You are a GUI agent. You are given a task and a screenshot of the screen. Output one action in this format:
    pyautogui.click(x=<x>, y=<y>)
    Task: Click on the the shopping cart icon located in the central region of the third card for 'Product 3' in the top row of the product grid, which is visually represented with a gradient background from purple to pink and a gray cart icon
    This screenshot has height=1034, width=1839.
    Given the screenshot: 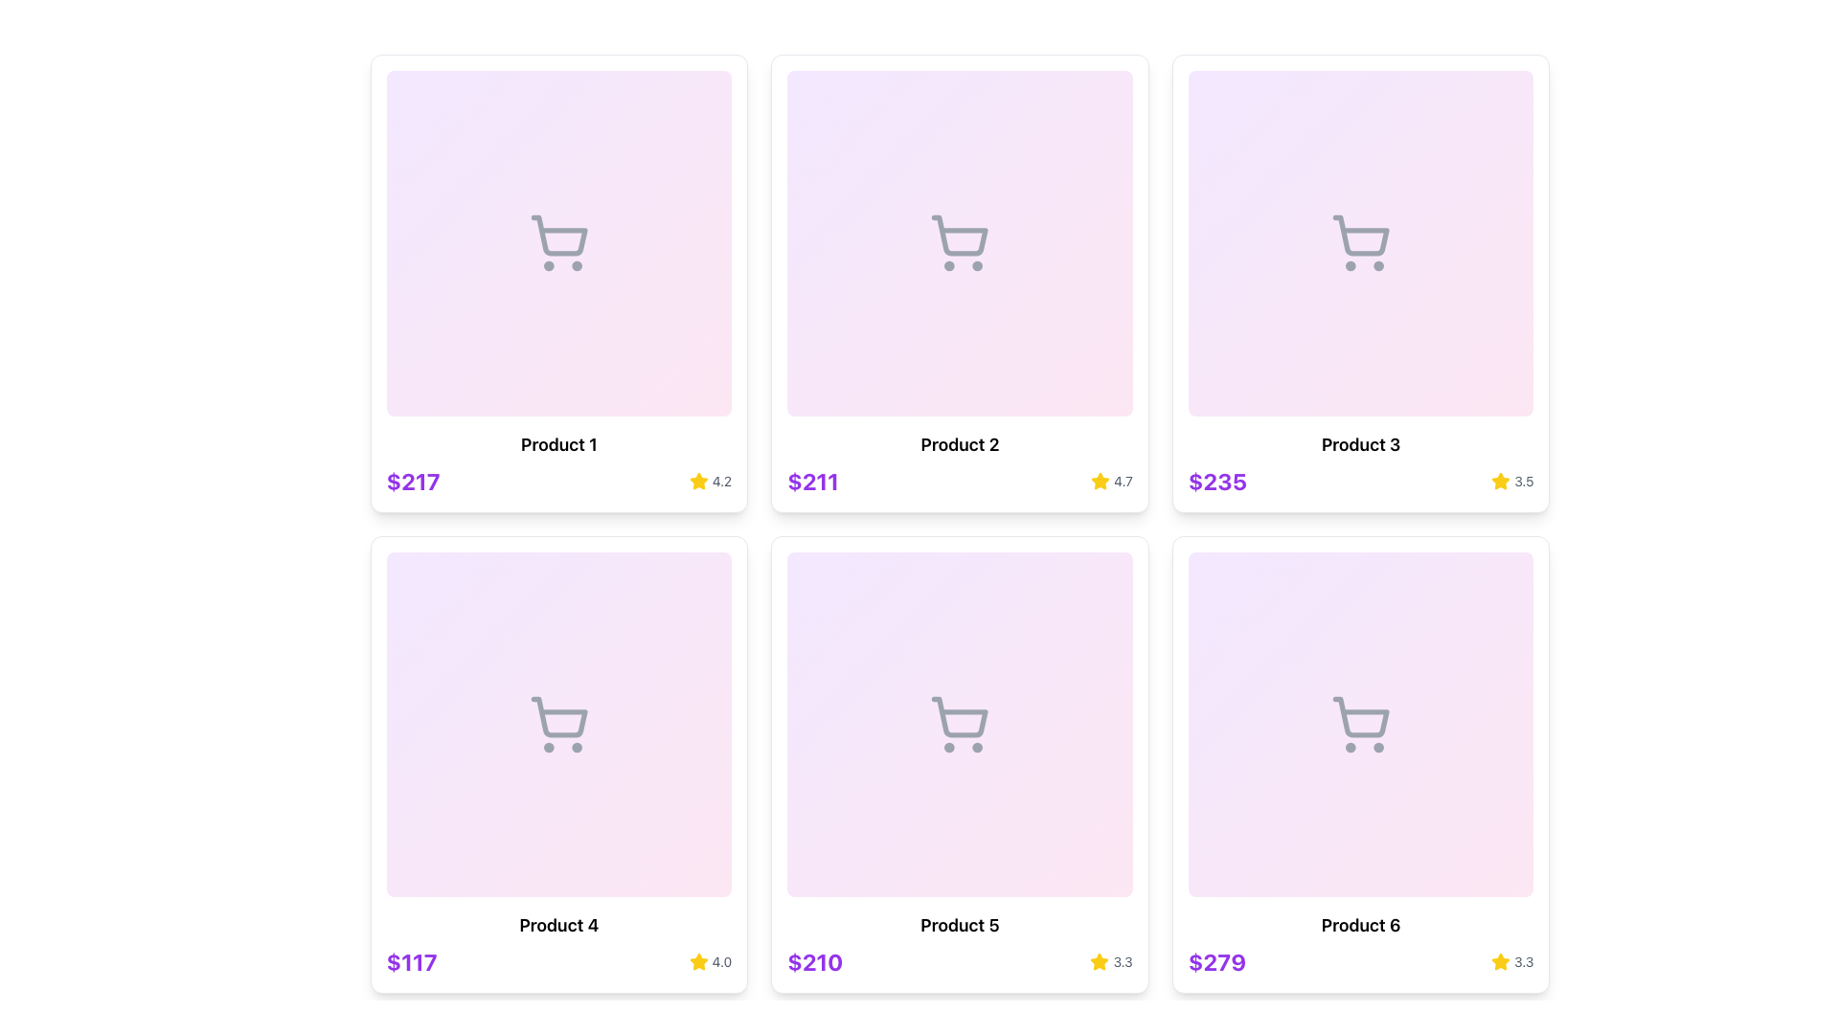 What is the action you would take?
    pyautogui.click(x=1360, y=242)
    